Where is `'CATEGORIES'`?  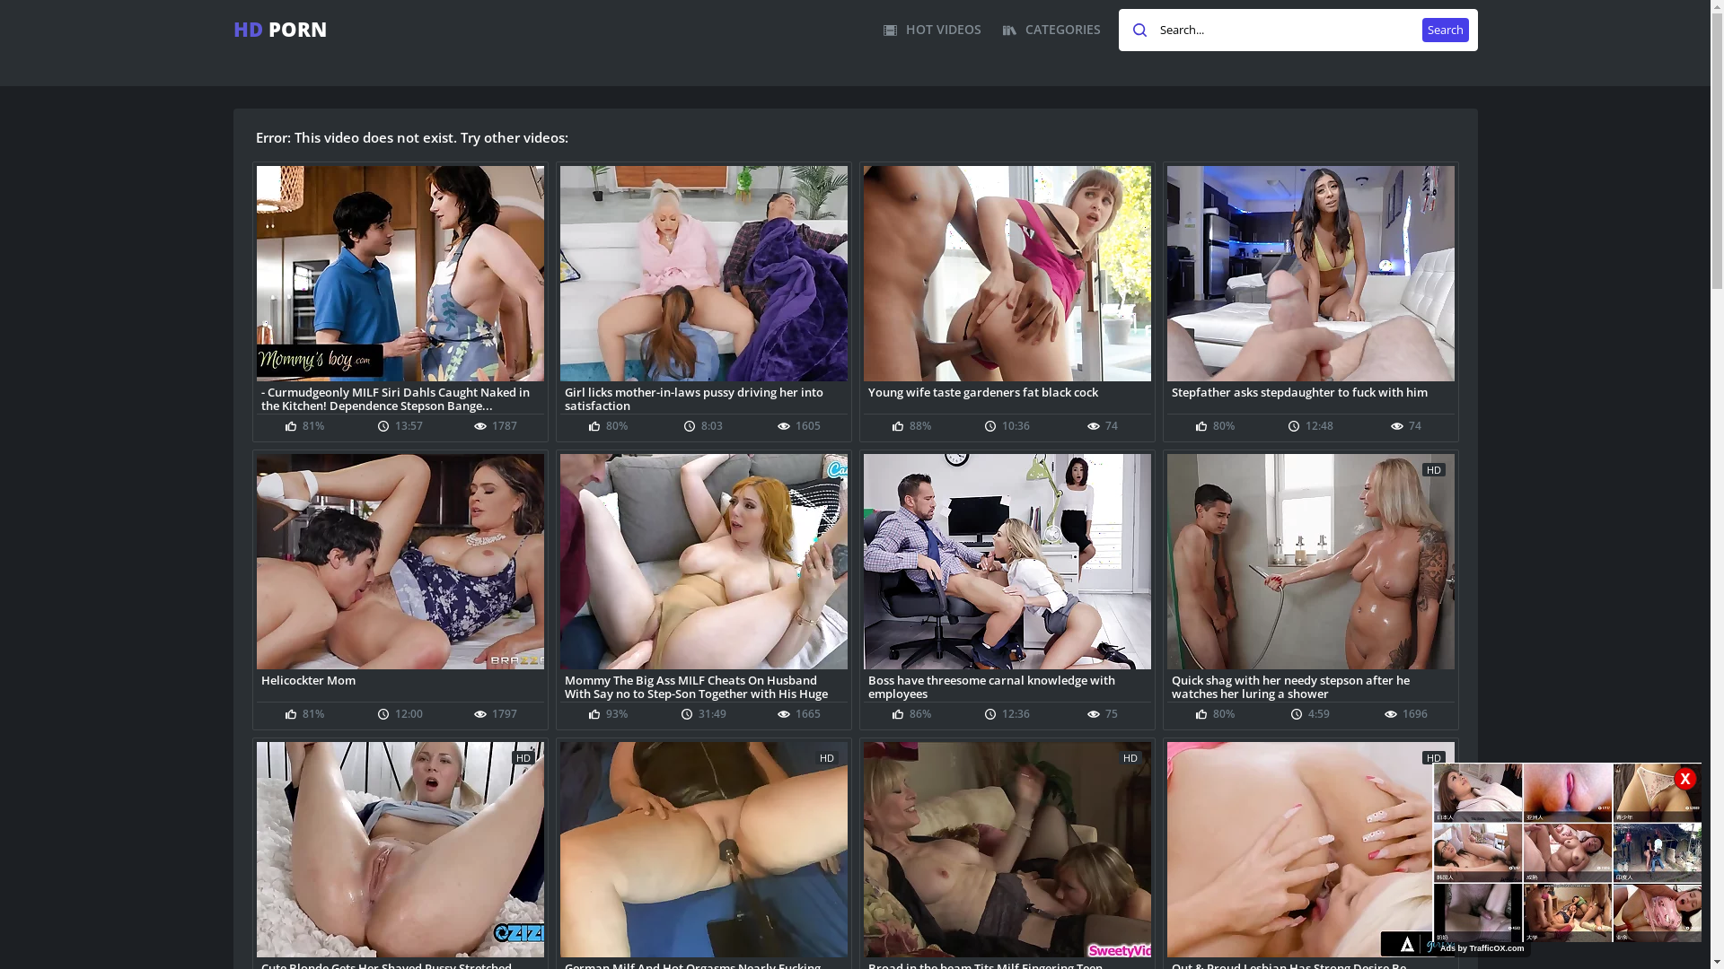
'CATEGORIES' is located at coordinates (1051, 30).